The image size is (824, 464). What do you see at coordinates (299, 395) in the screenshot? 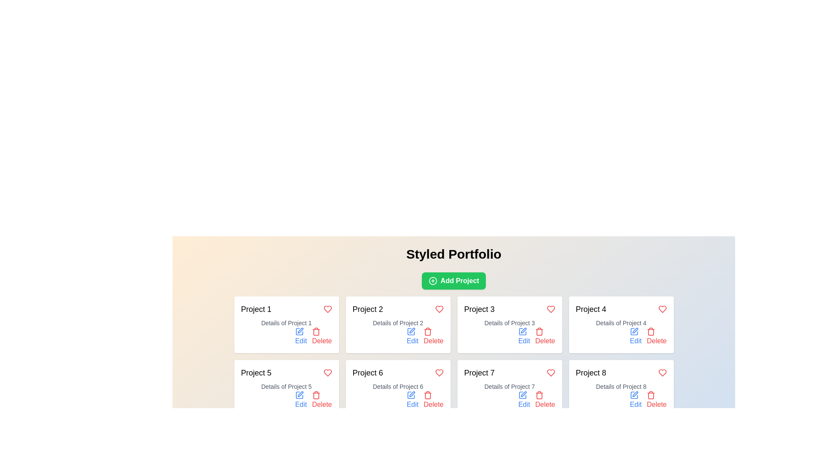
I see `the blue pen icon styled in a flat vector format, which is part of the action menu under the 'Edit' label in the project card for initiating editing` at bounding box center [299, 395].